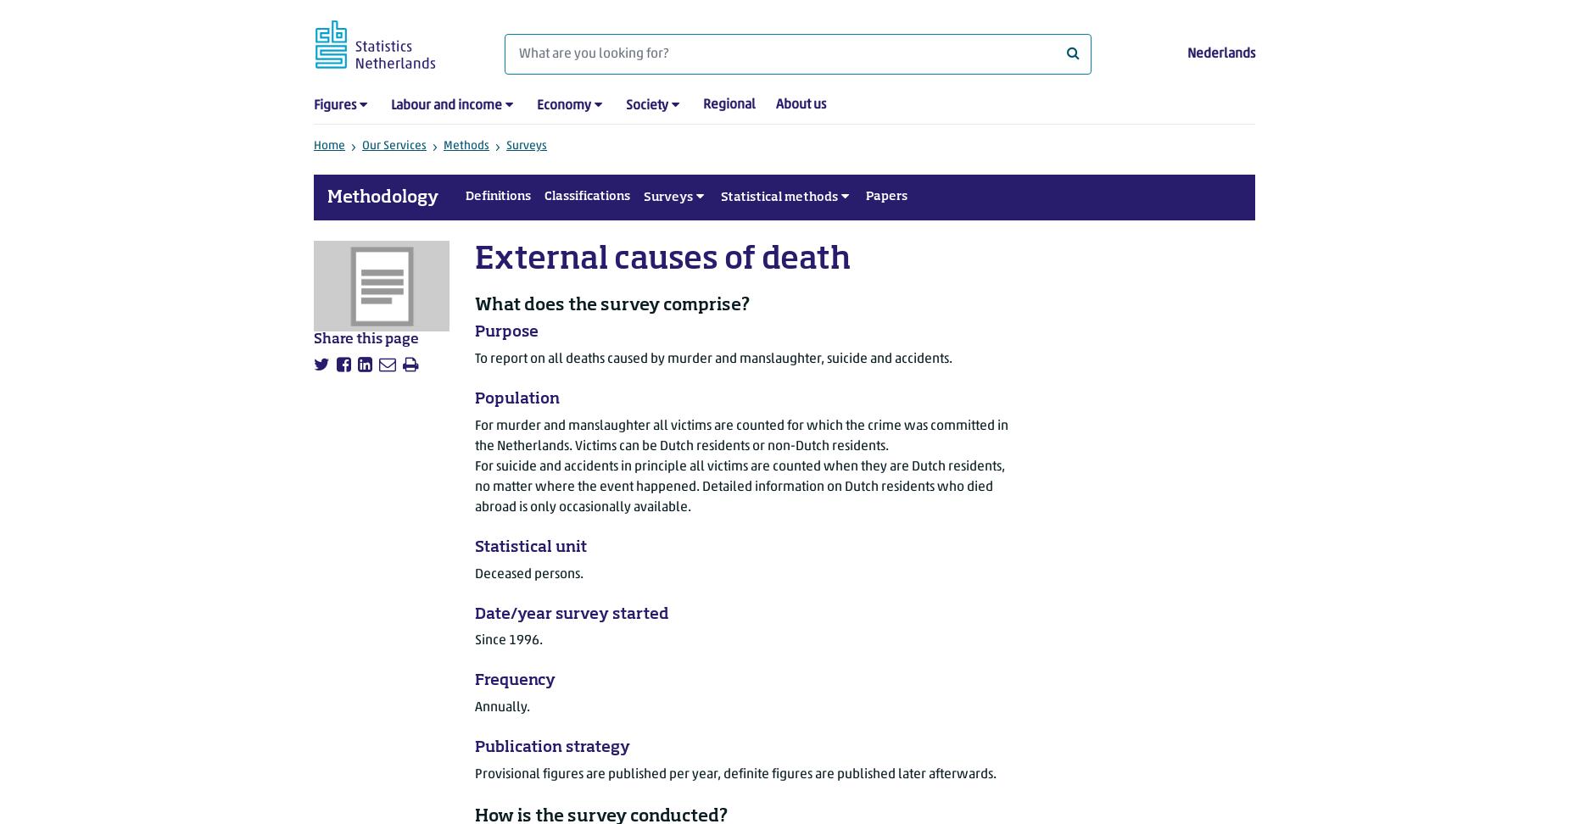 The image size is (1569, 824). I want to click on 'Publication strategy', so click(474, 747).